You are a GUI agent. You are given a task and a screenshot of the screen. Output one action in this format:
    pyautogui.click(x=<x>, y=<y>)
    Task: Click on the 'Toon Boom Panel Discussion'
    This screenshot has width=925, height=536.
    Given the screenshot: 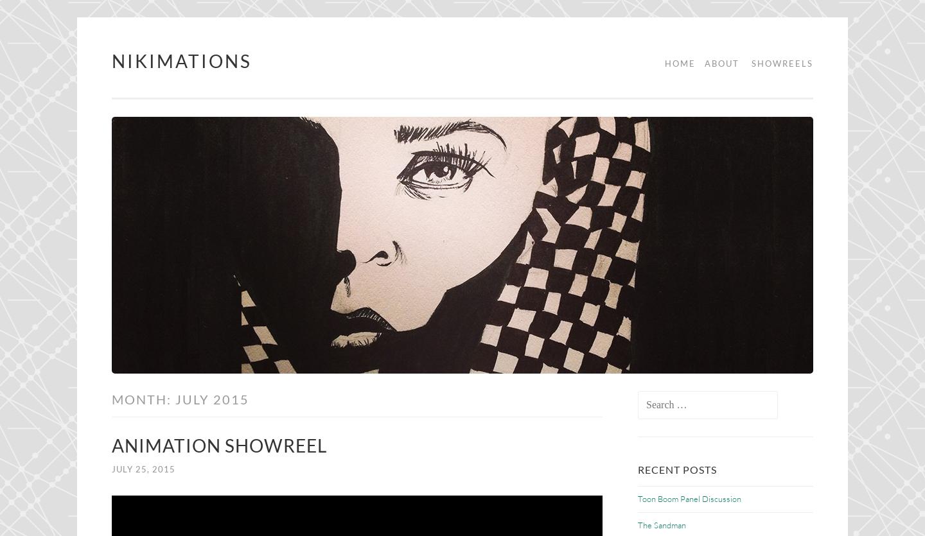 What is the action you would take?
    pyautogui.click(x=689, y=497)
    